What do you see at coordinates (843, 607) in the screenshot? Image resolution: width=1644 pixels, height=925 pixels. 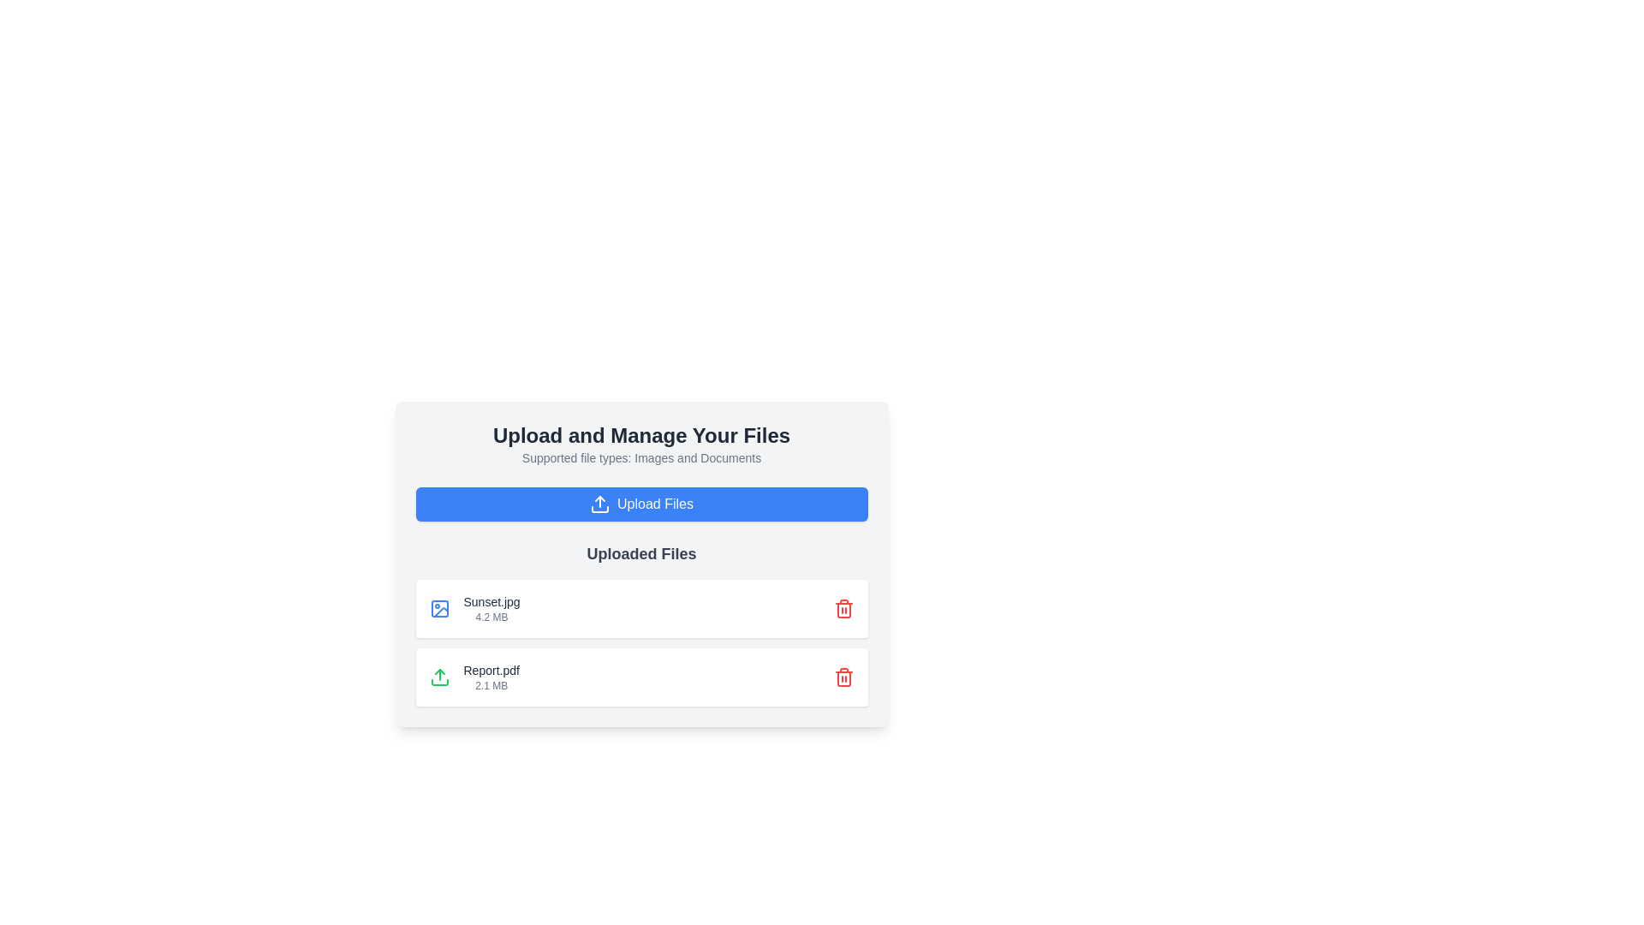 I see `the red trash can icon button located in the upper-right section of the card displaying the file 'Sunset.jpg'` at bounding box center [843, 607].